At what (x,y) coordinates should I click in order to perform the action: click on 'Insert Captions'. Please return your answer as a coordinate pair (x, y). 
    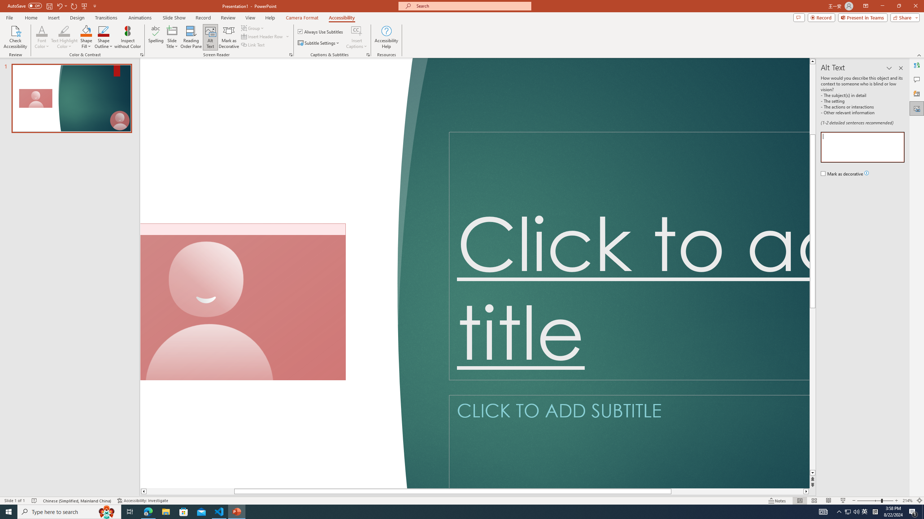
    Looking at the image, I should click on (356, 37).